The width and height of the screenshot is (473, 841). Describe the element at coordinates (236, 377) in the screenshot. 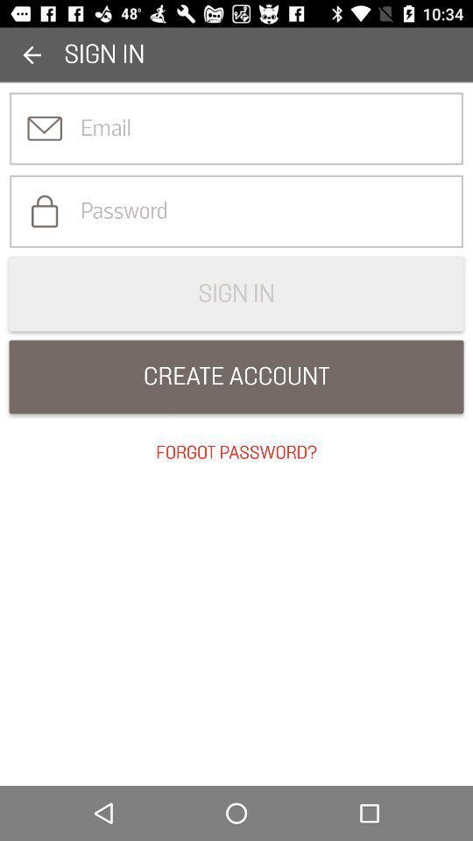

I see `create account` at that location.